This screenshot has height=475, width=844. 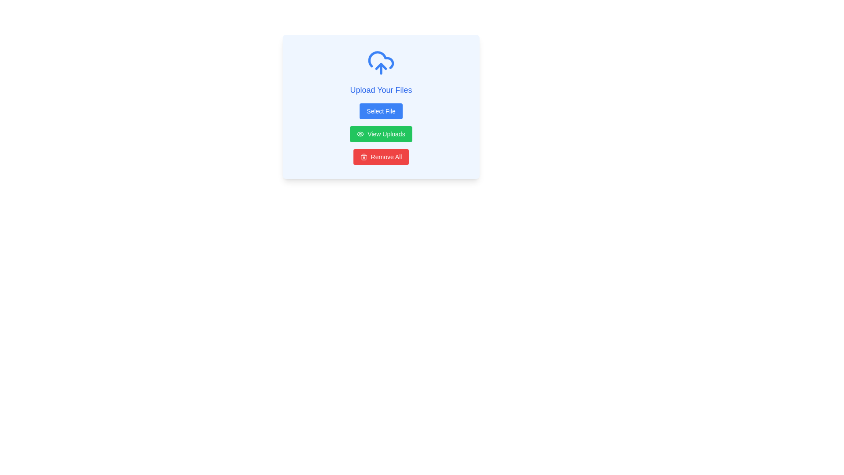 I want to click on the clear button located at the bottom of the button column in the centered card, so click(x=381, y=157).